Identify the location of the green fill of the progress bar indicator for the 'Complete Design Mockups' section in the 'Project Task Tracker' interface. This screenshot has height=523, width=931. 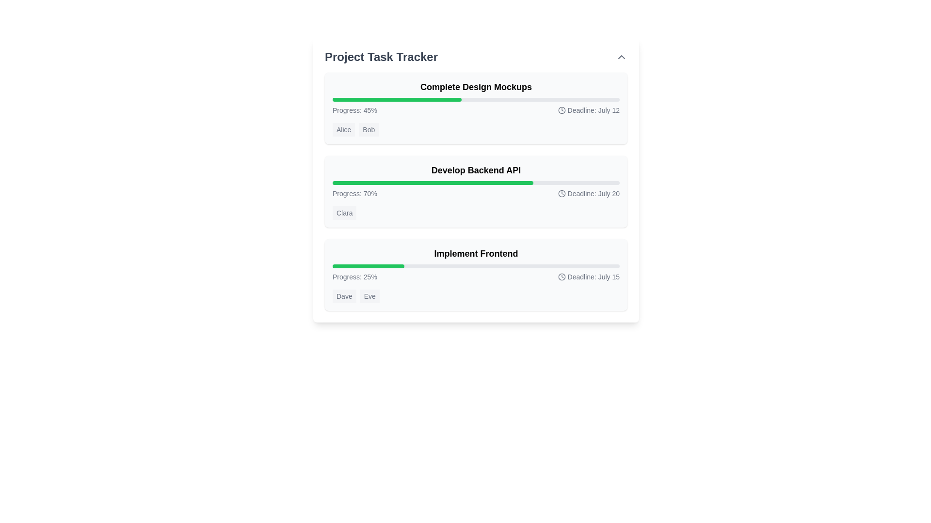
(433, 183).